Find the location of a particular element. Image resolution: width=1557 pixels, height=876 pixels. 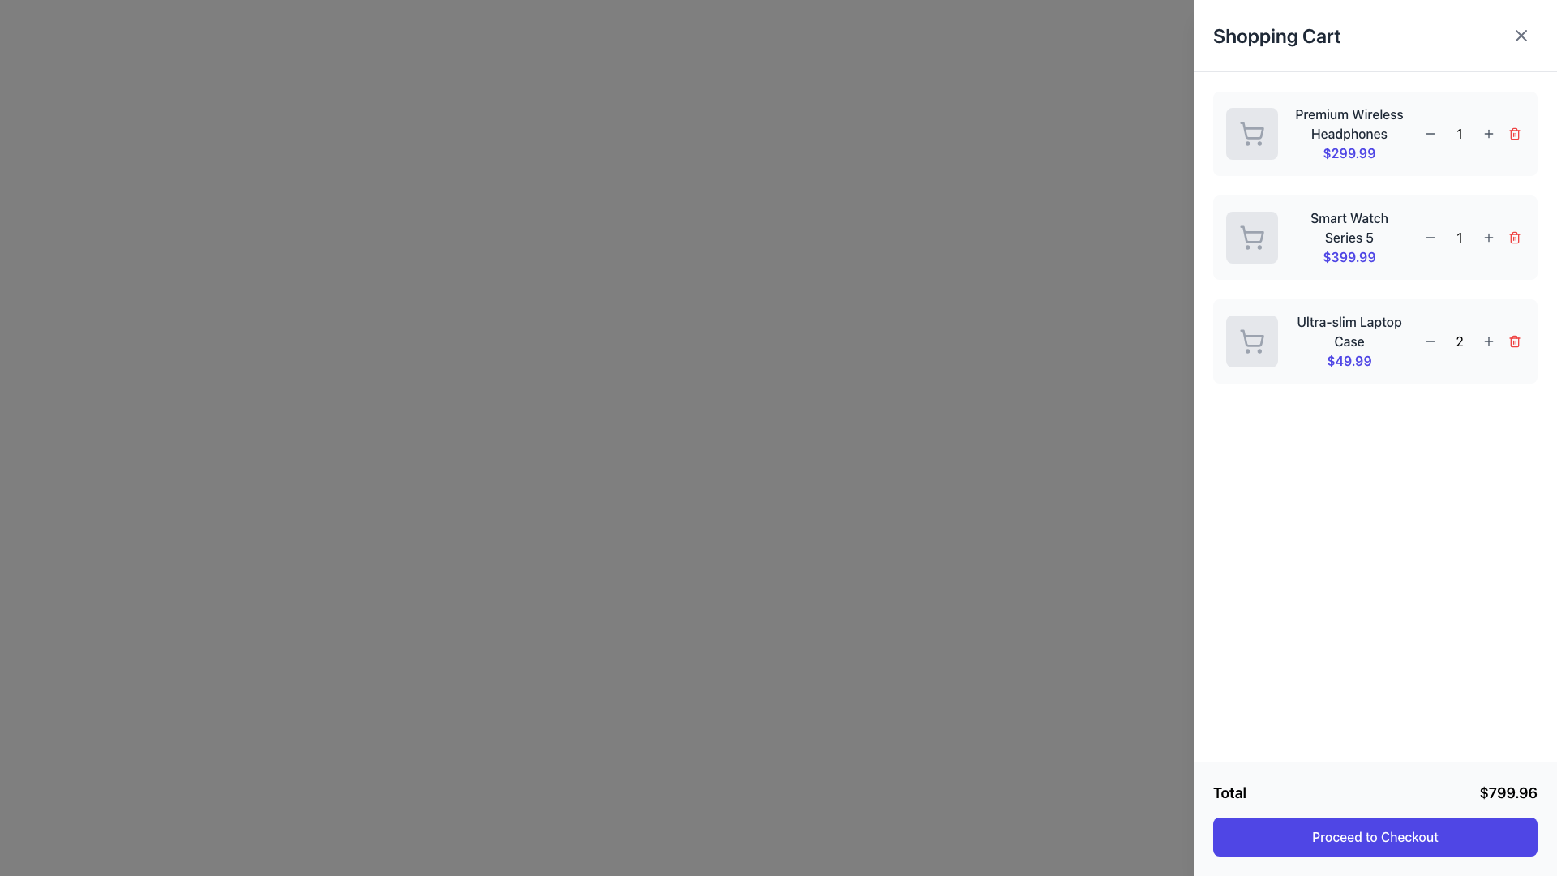

the text block displaying 'Premium Wireless Headphones' with the price '$299.99' in the right-side panel of the shopping cart interface is located at coordinates (1349, 133).